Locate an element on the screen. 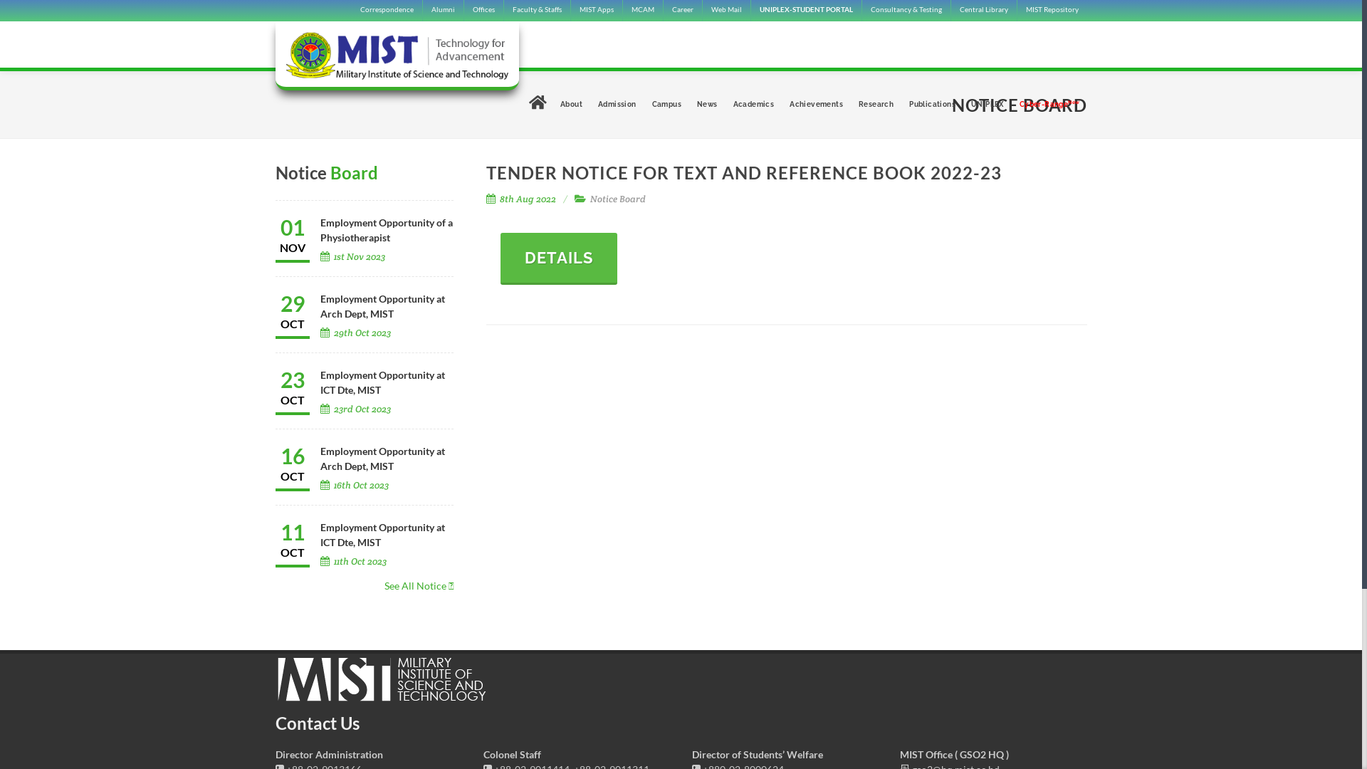 This screenshot has height=769, width=1367. 'Campus' is located at coordinates (644, 103).